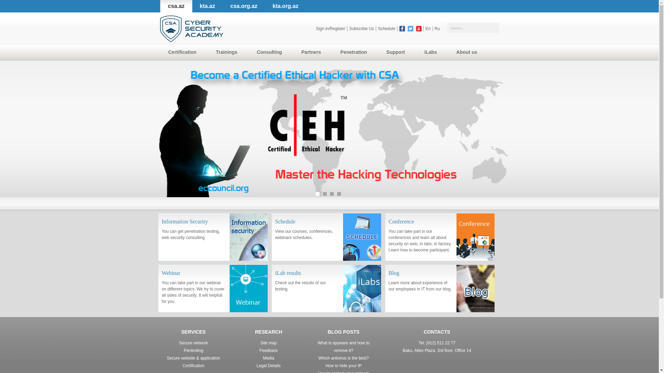  Describe the element at coordinates (285, 6) in the screenshot. I see `'kta.org.az'` at that location.